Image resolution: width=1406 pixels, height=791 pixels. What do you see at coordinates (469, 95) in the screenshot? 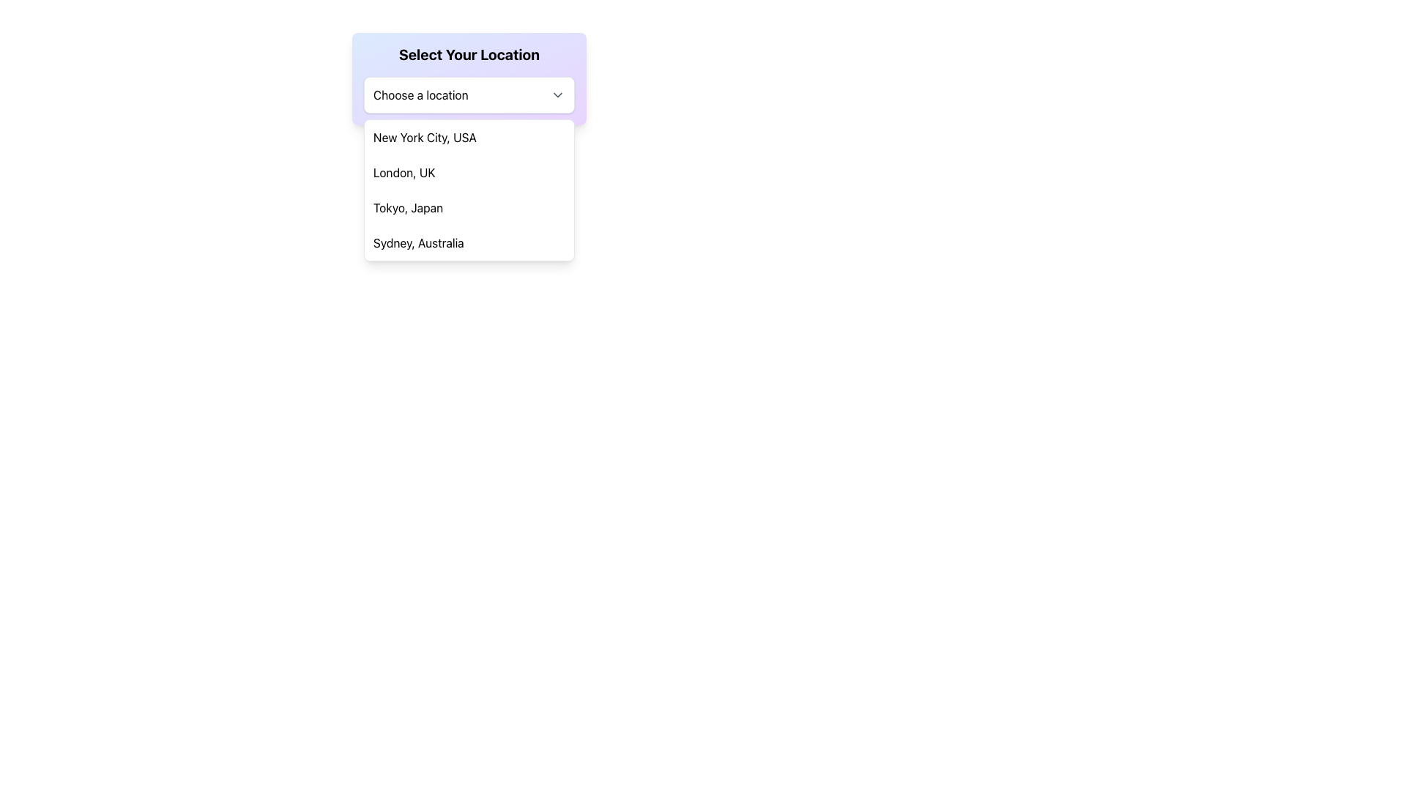
I see `the dropdown menu trigger labeled 'Choose a location'` at bounding box center [469, 95].